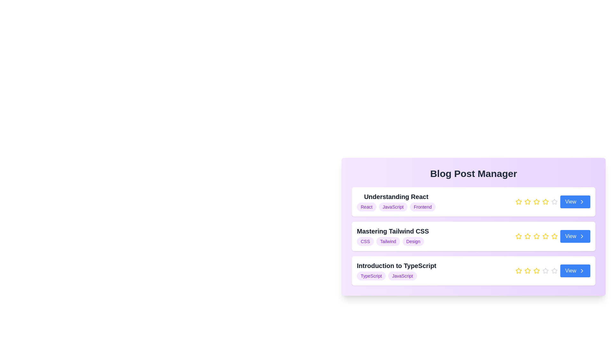 Image resolution: width=614 pixels, height=345 pixels. Describe the element at coordinates (366, 207) in the screenshot. I see `the non-interactive label/tag that specifies the category 'React', which is the first tag in a row of tags under the title 'Understanding React'` at that location.